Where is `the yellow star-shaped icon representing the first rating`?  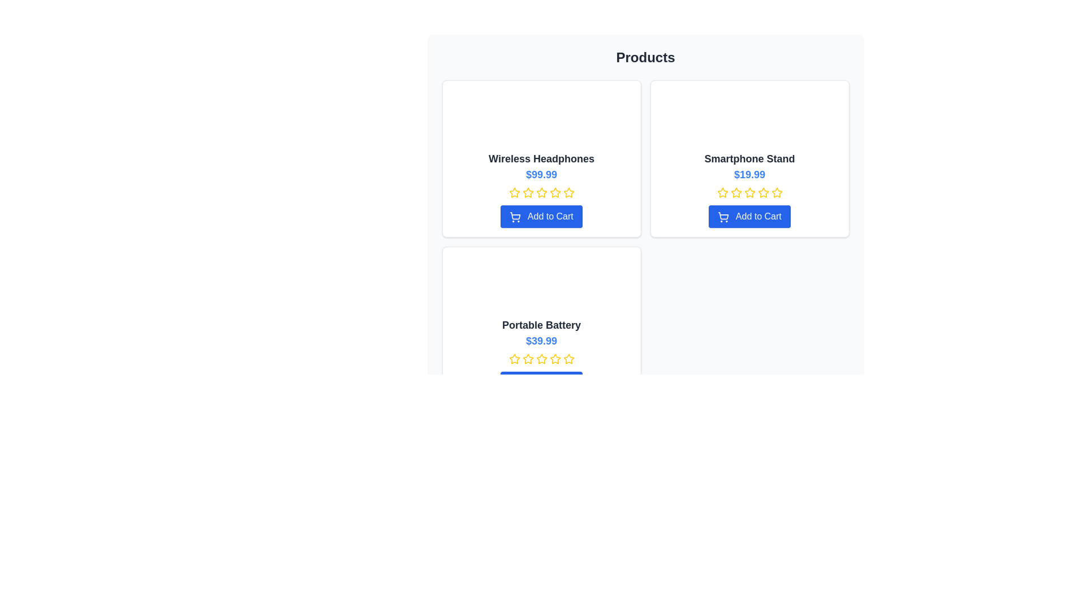
the yellow star-shaped icon representing the first rating is located at coordinates (722, 192).